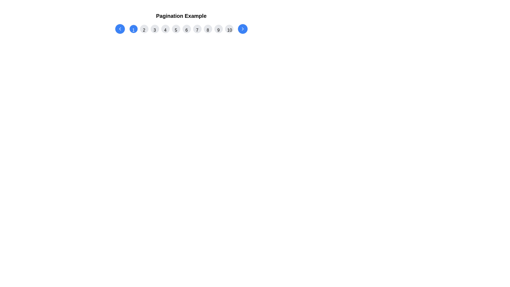  What do you see at coordinates (120, 29) in the screenshot?
I see `the left-facing chevron arrow within the circular blue button in the pagination control bar` at bounding box center [120, 29].